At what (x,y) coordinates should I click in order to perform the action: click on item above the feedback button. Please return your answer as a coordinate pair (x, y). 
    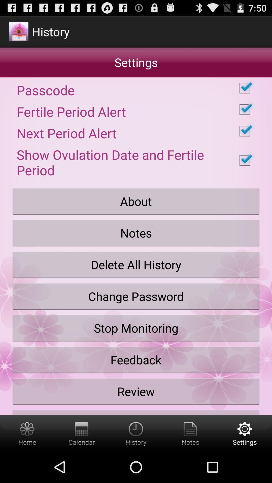
    Looking at the image, I should click on (136, 328).